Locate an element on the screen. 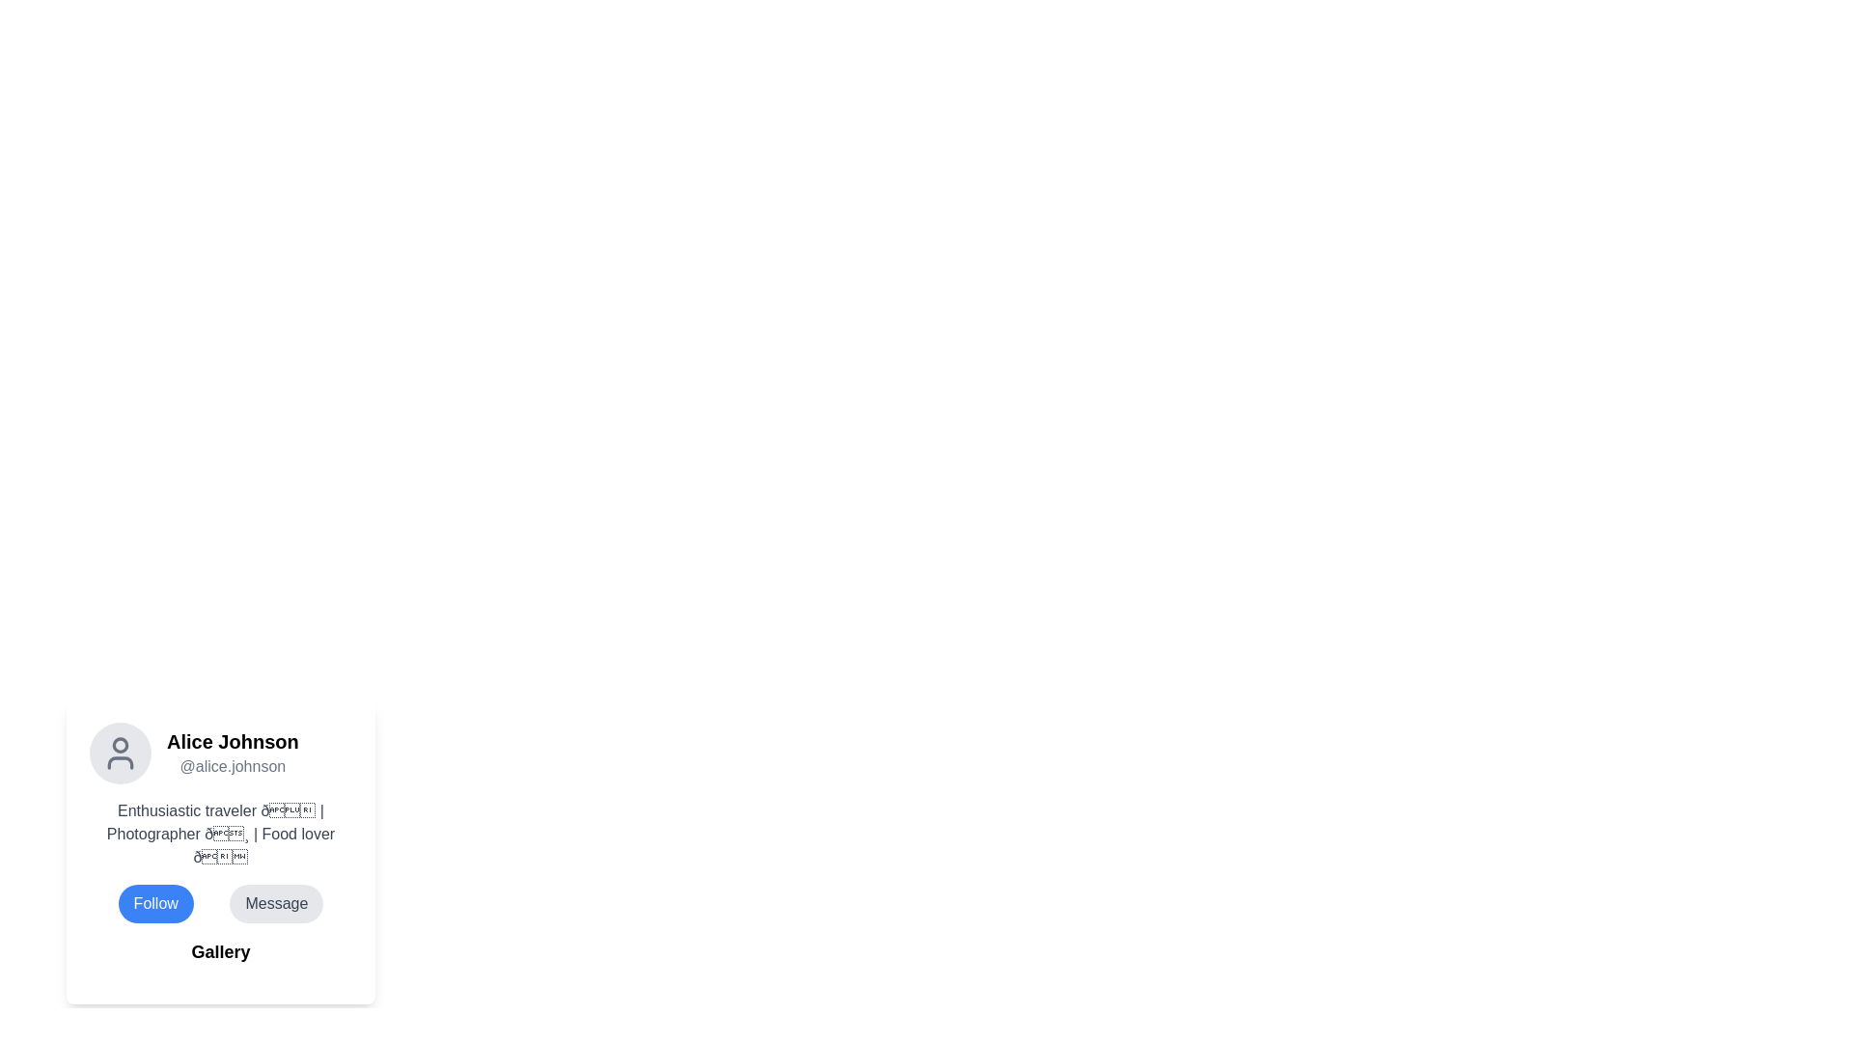  the 'Follow' or 'Message' button in the user profile card is located at coordinates (221, 904).